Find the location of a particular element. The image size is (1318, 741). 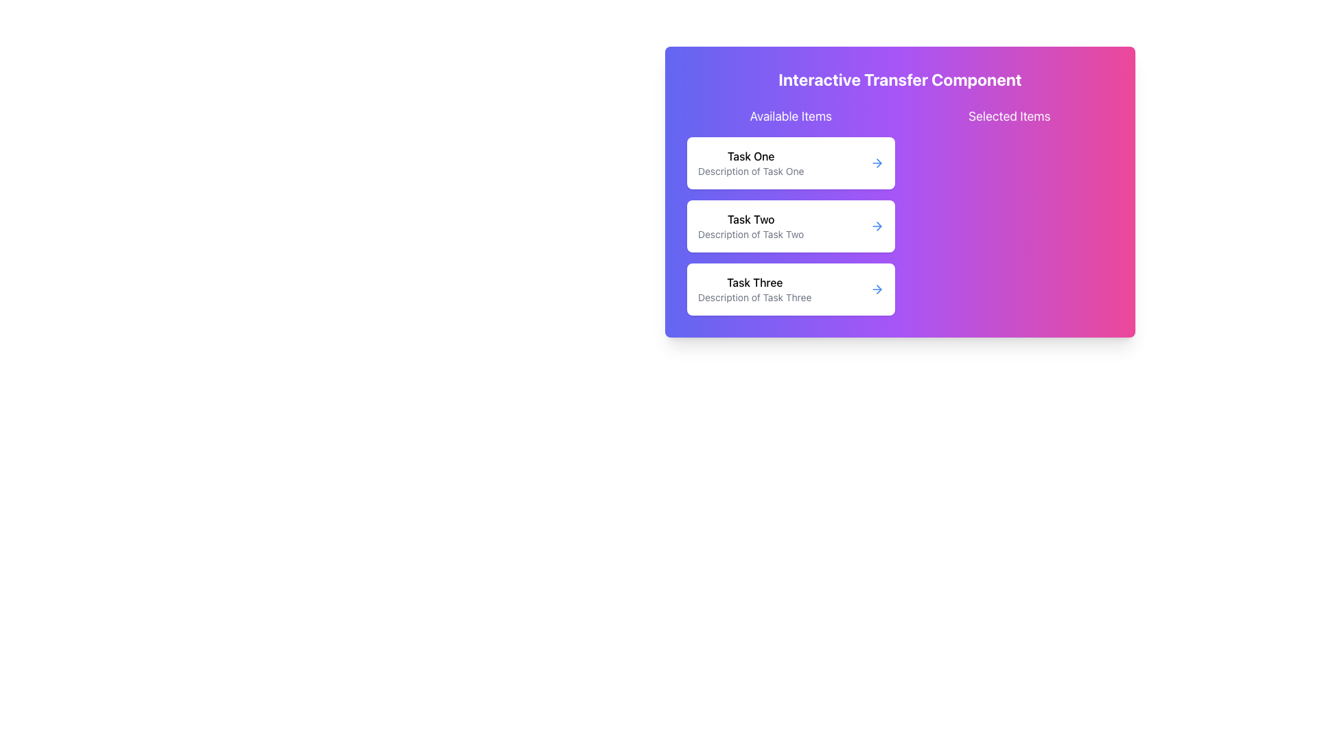

the arrow icon on the far-right side of the 'Task One' card in the 'Available Items' section to receive visual feedback is located at coordinates (876, 163).